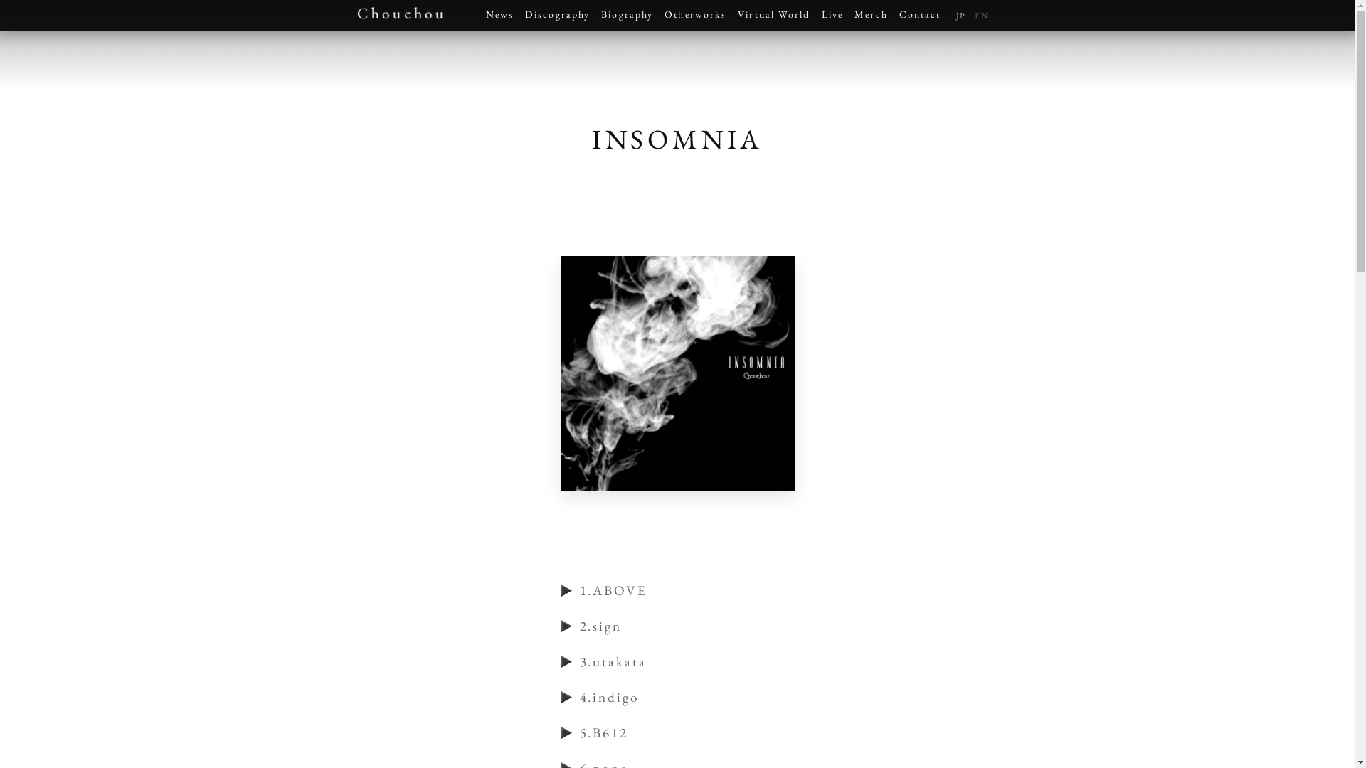  What do you see at coordinates (556, 15) in the screenshot?
I see `'Discography'` at bounding box center [556, 15].